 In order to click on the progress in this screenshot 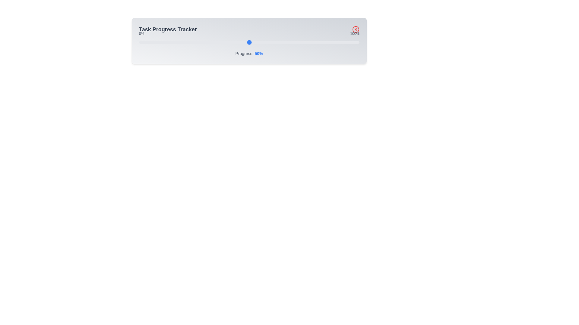, I will do `click(174, 42)`.